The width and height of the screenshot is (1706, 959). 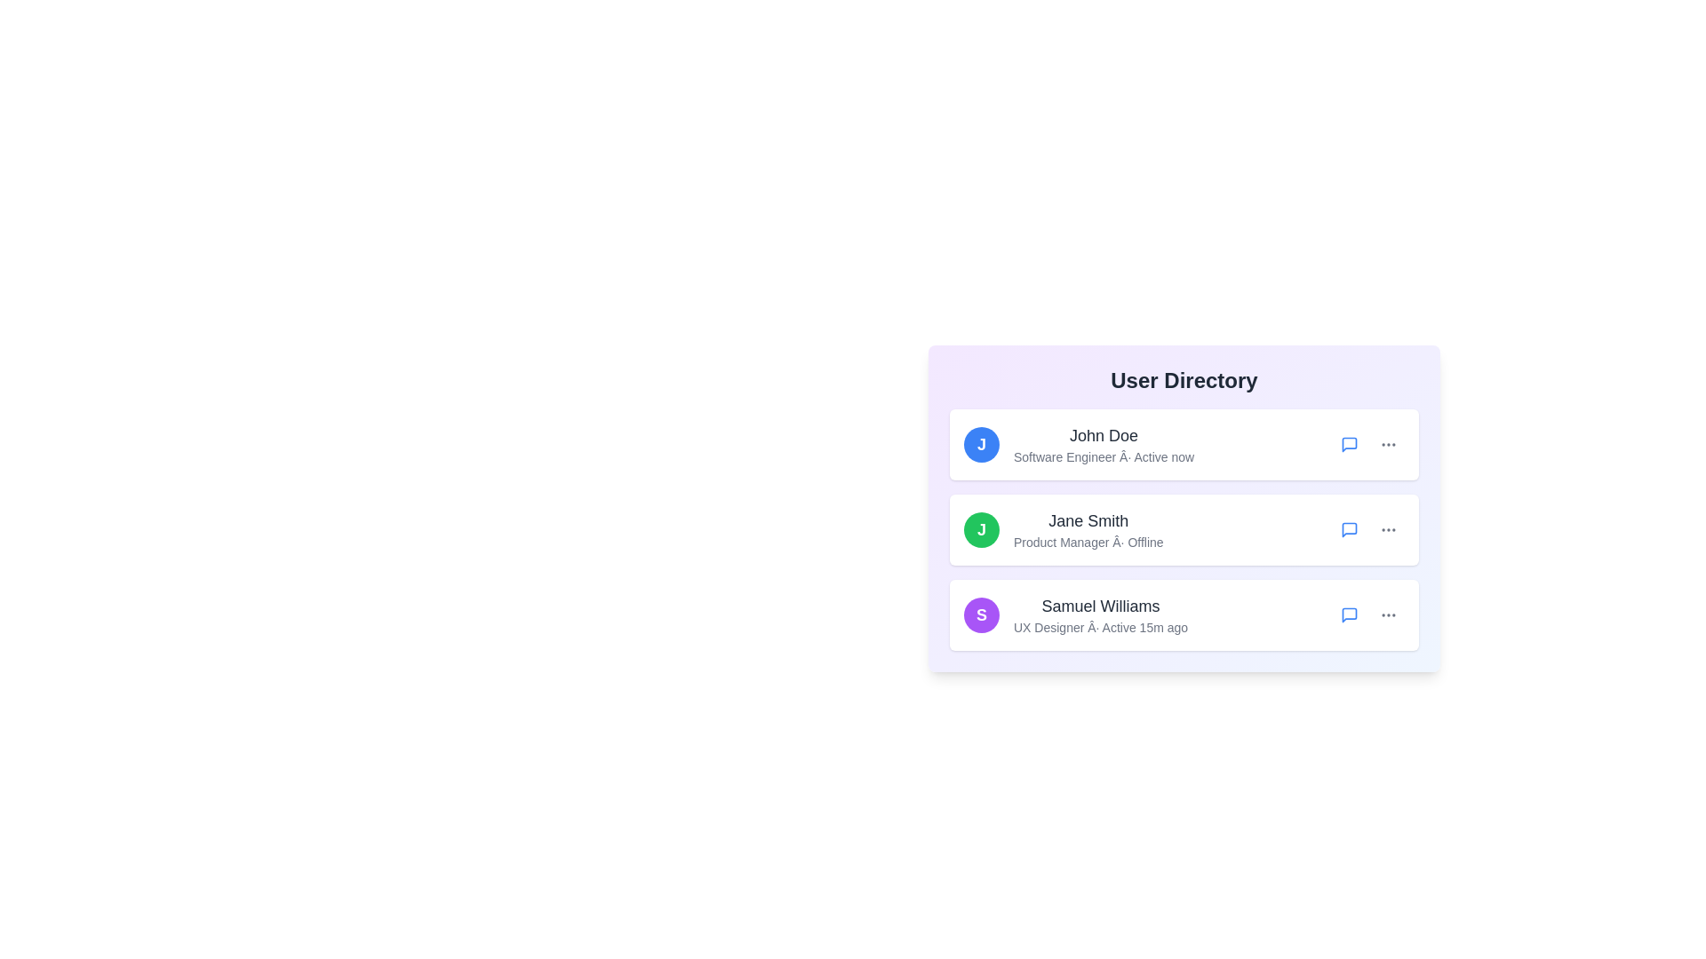 I want to click on the 'More Options' button for the user John Doe, so click(x=1388, y=444).